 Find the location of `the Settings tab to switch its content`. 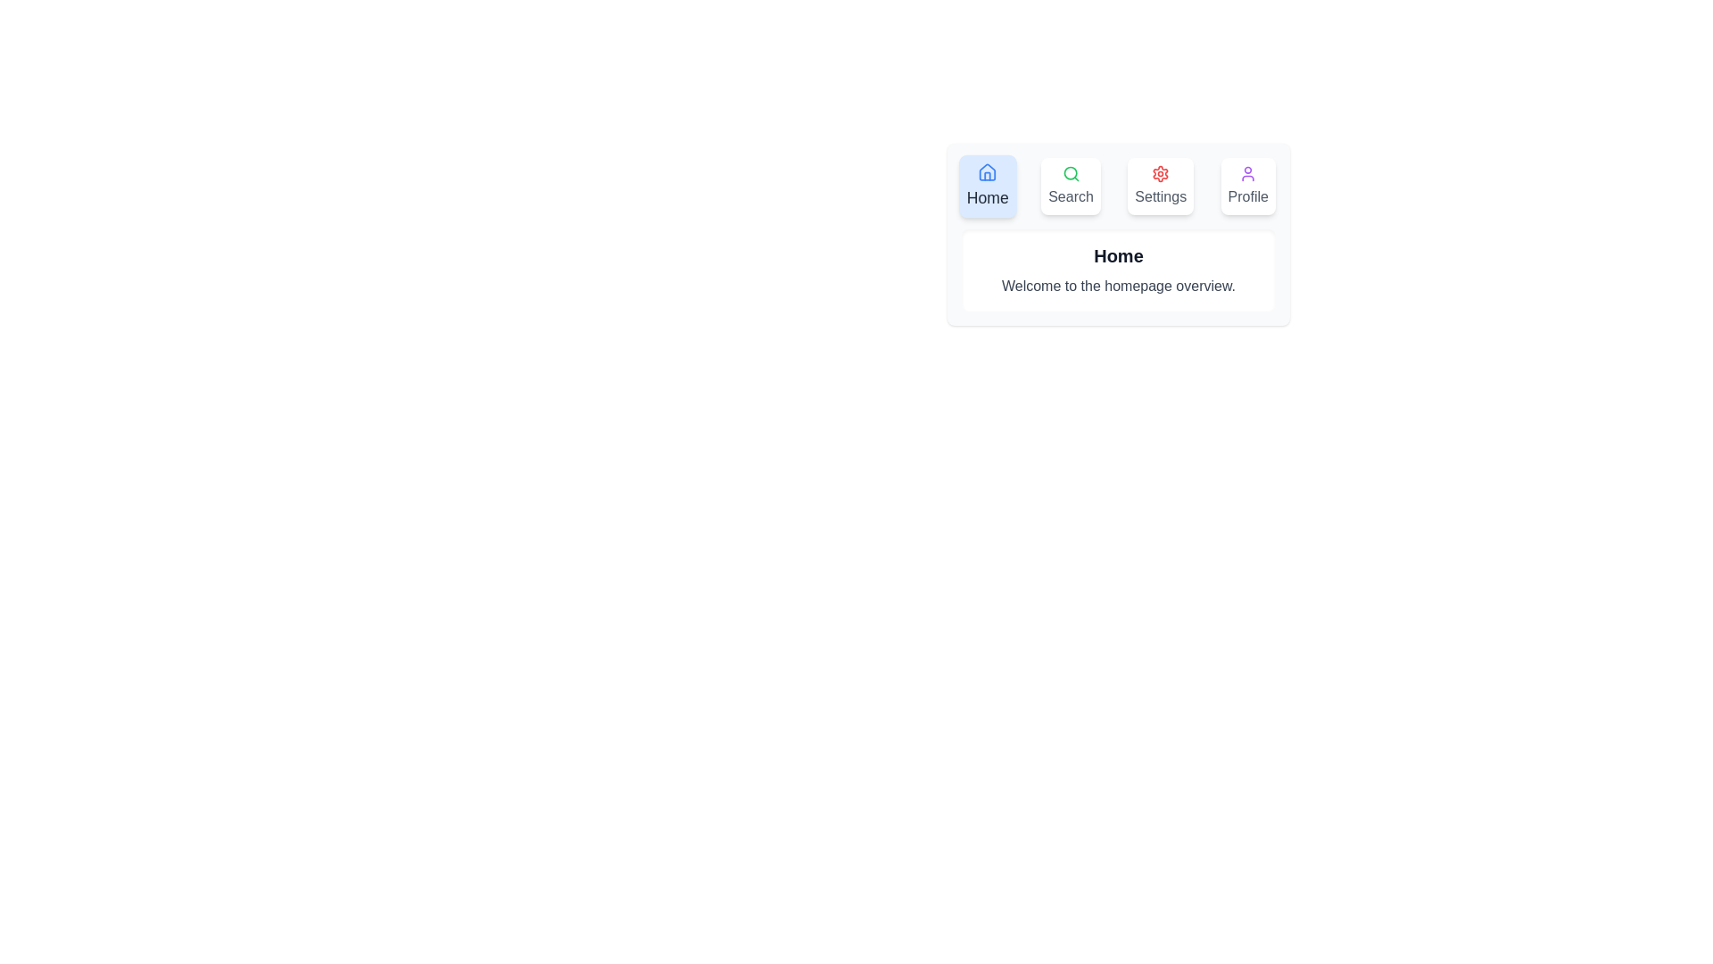

the Settings tab to switch its content is located at coordinates (1161, 186).